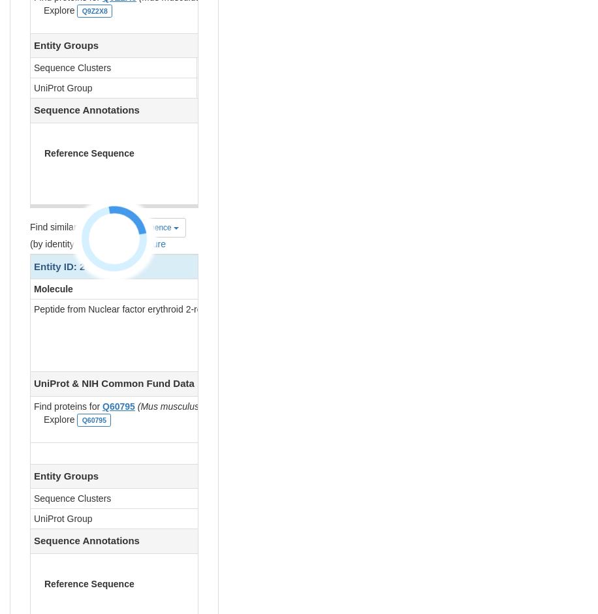 This screenshot has height=614, width=598. Describe the element at coordinates (505, 289) in the screenshot. I see `'Organism'` at that location.